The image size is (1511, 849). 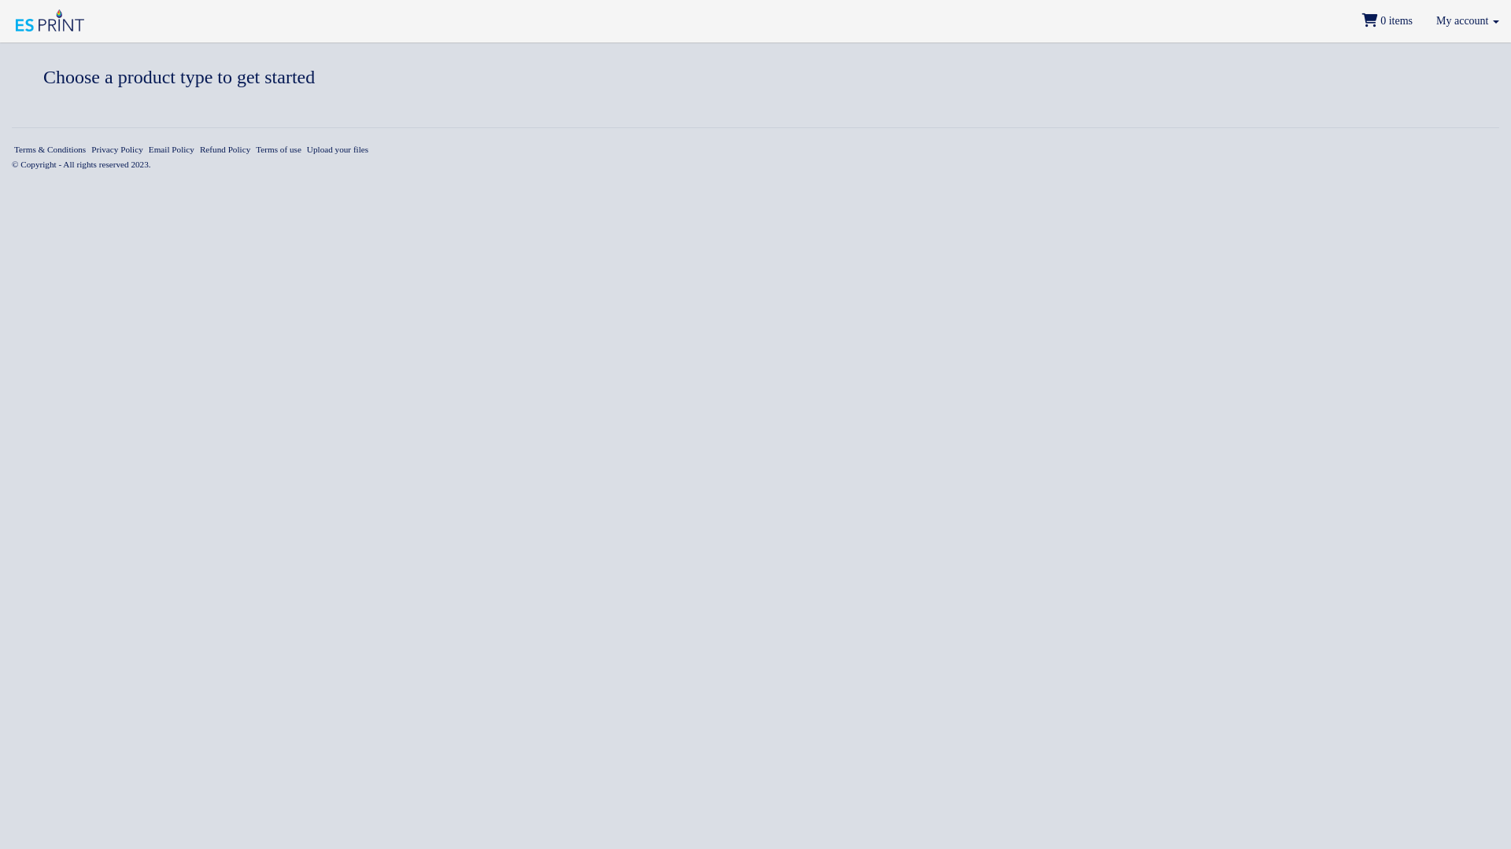 I want to click on 'Privacy Policy', so click(x=116, y=149).